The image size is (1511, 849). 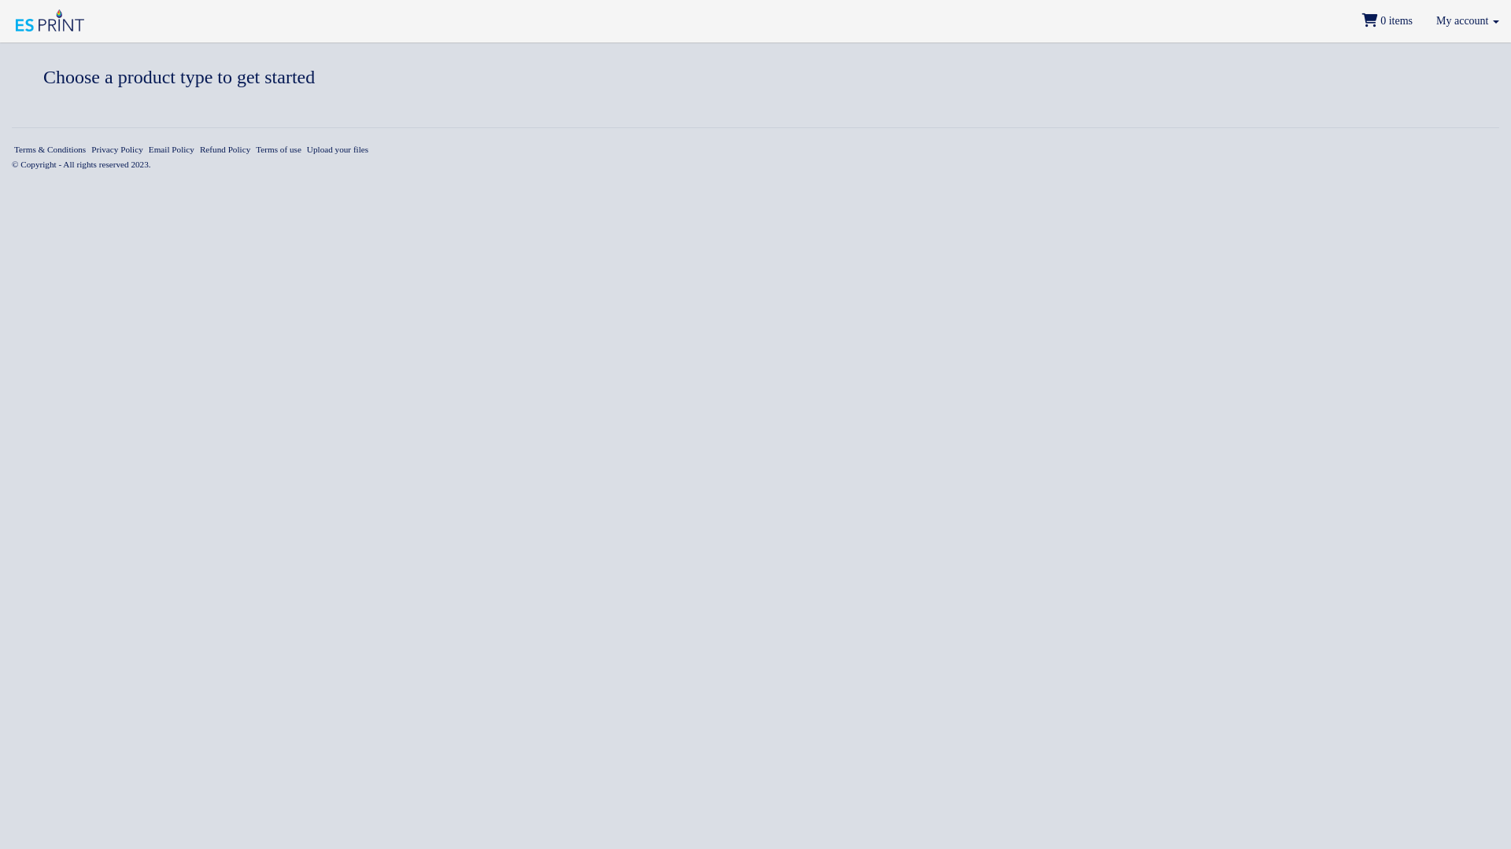 I want to click on 'Privacy Policy', so click(x=116, y=149).